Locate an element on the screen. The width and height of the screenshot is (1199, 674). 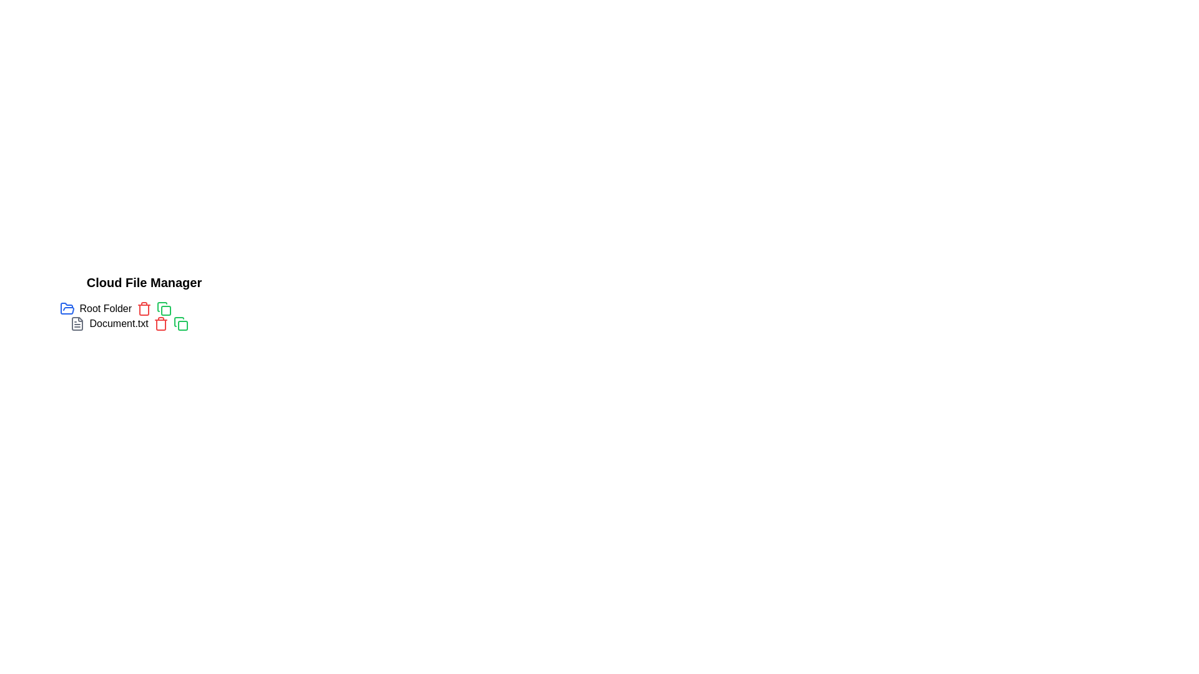
the 'Root Folder' item in the file manager is located at coordinates (149, 308).